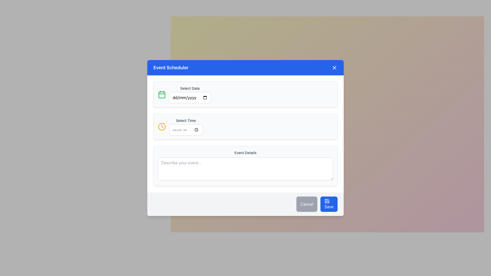 Image resolution: width=491 pixels, height=276 pixels. What do you see at coordinates (307, 204) in the screenshot?
I see `the 'Cancel' button with light gray background and white text located at the bottom-right of the modal footer to change its appearance` at bounding box center [307, 204].